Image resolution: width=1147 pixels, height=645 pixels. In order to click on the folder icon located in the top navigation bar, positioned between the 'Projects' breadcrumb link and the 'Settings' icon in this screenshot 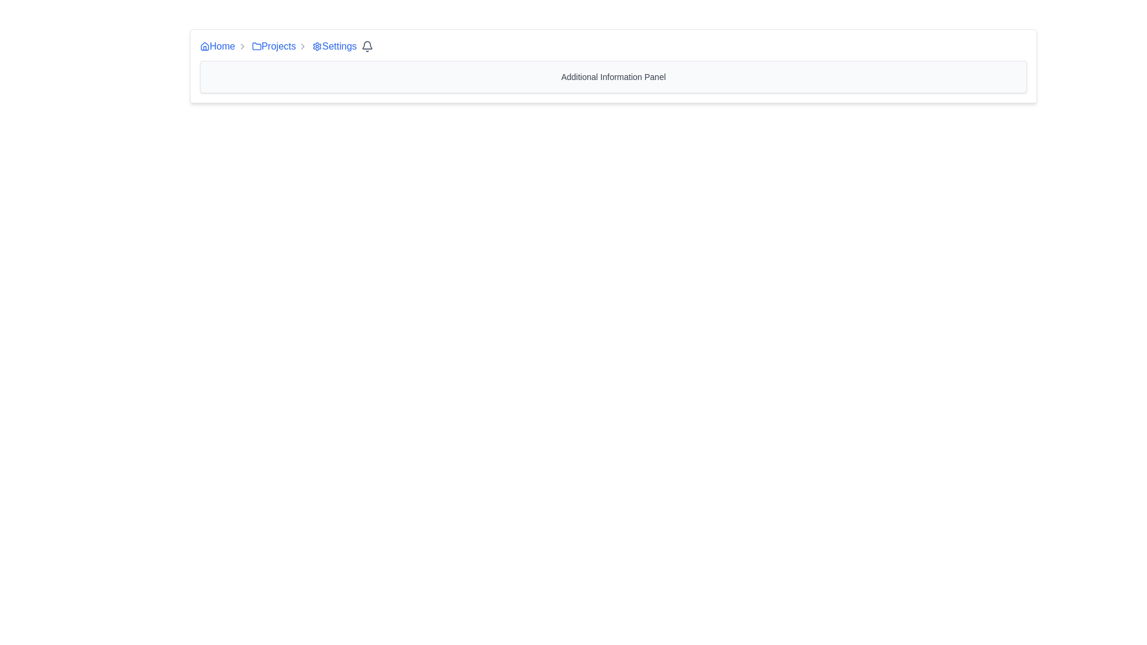, I will do `click(256, 45)`.